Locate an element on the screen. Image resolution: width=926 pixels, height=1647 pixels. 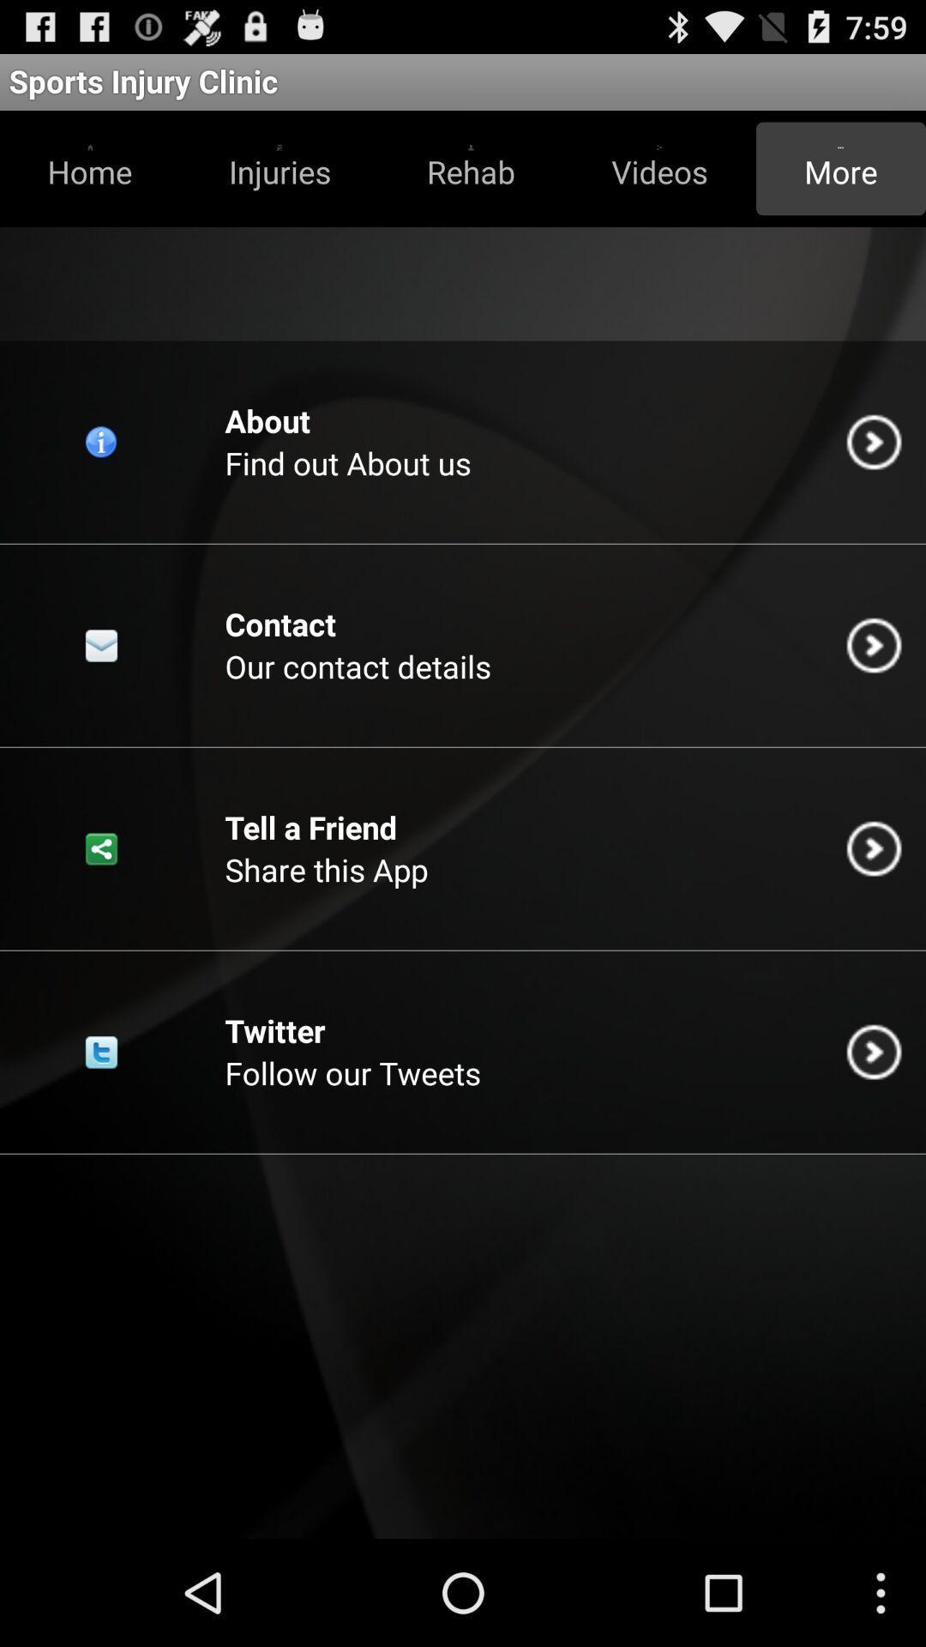
home is located at coordinates (90, 168).